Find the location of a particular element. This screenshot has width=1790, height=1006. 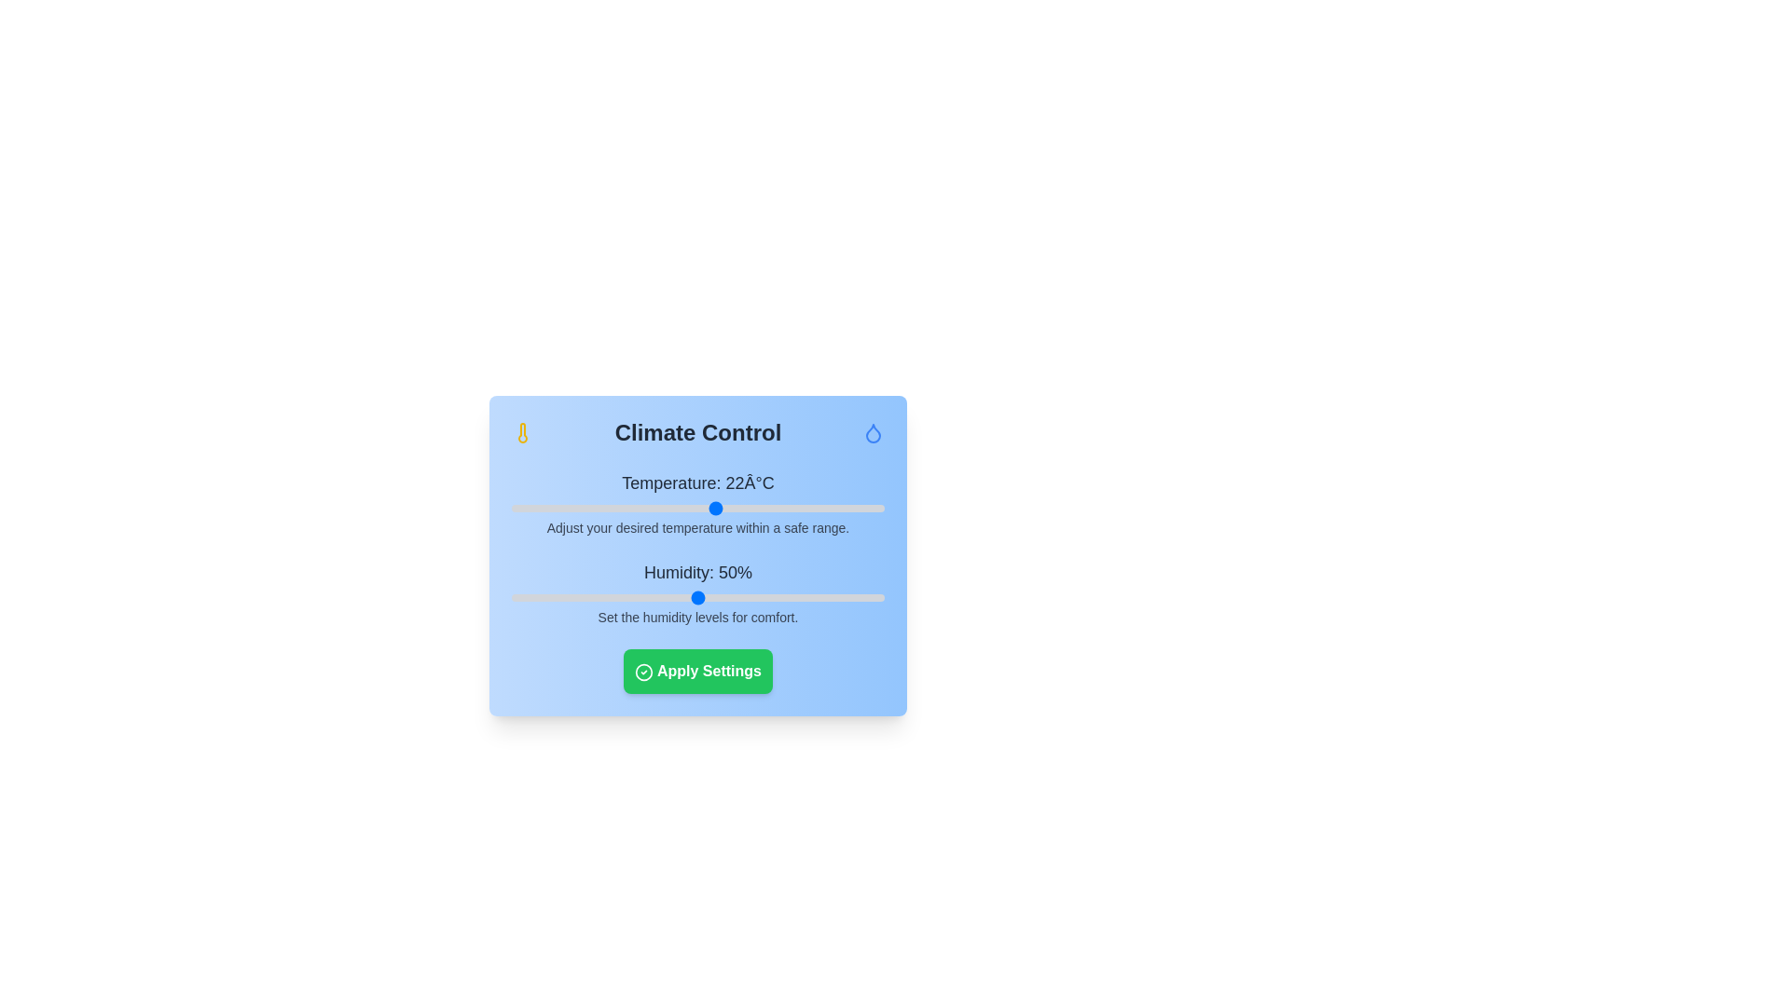

the blue knob of the range slider located beneath the text 'Temperature: 22°C' is located at coordinates (696, 509).